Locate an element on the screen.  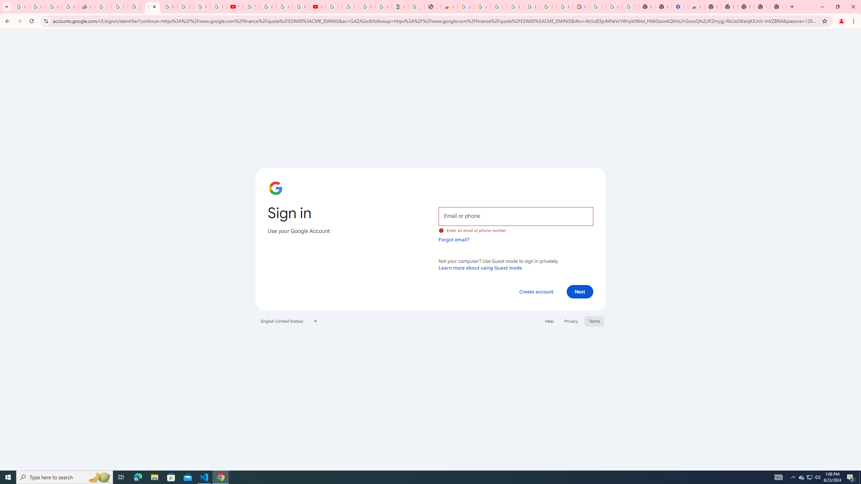
'YouTube' is located at coordinates (234, 6).